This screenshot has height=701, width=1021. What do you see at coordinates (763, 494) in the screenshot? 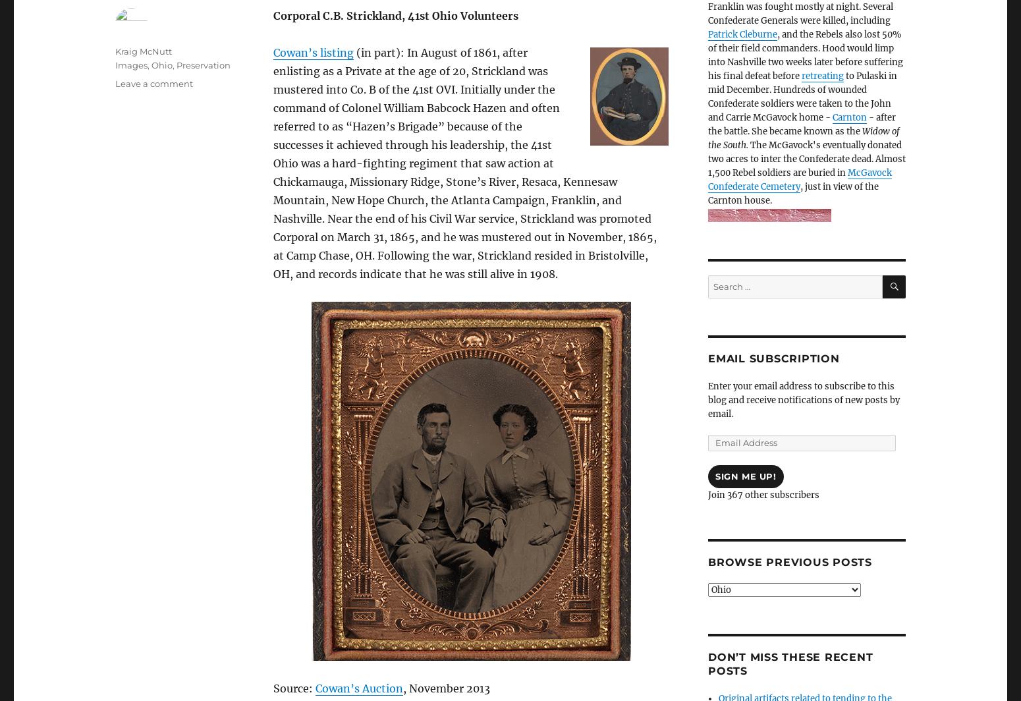
I see `'Join 367 other subscribers'` at bounding box center [763, 494].